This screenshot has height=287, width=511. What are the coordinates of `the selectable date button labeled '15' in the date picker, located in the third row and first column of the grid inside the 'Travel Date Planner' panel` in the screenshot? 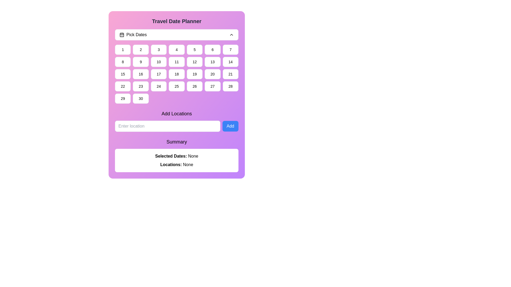 It's located at (122, 74).